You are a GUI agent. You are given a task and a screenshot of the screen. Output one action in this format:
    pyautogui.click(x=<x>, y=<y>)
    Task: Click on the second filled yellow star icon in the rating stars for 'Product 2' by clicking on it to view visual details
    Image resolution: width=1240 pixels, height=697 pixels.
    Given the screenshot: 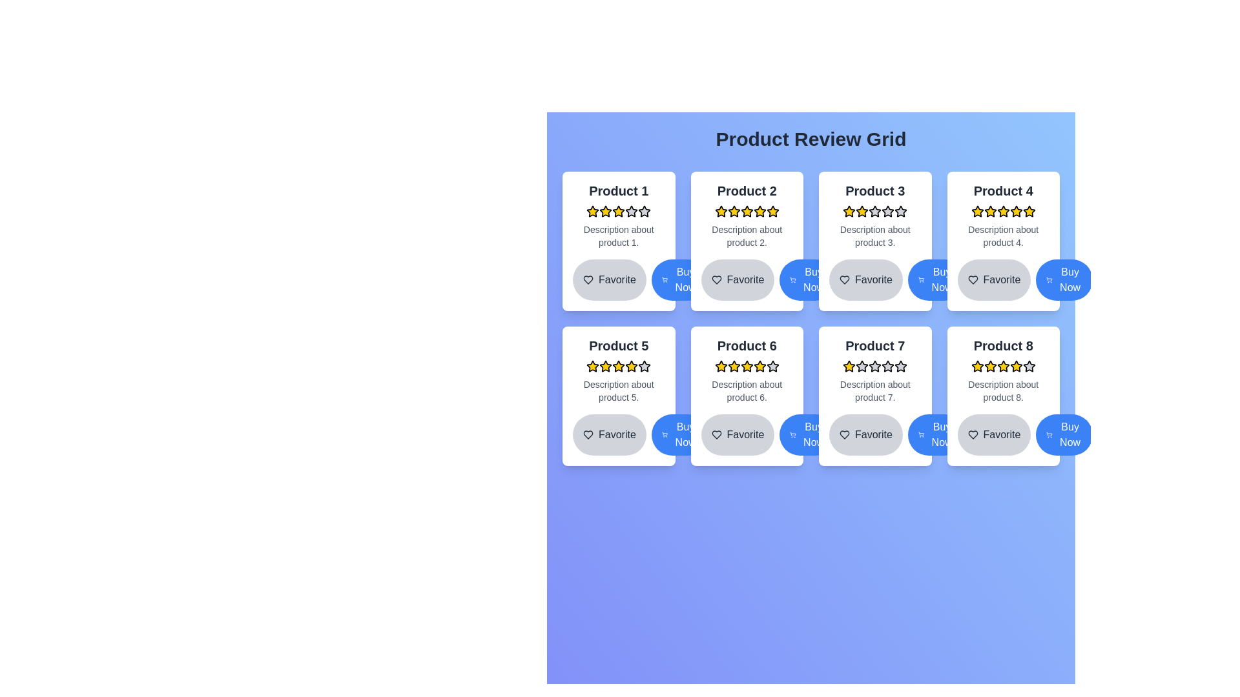 What is the action you would take?
    pyautogui.click(x=720, y=210)
    